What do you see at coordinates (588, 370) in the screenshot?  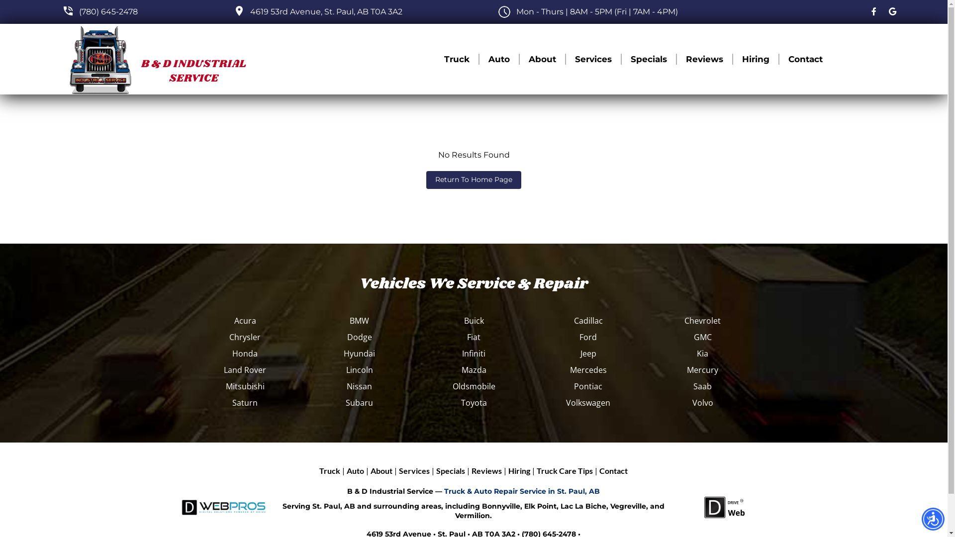 I see `'Mercedes'` at bounding box center [588, 370].